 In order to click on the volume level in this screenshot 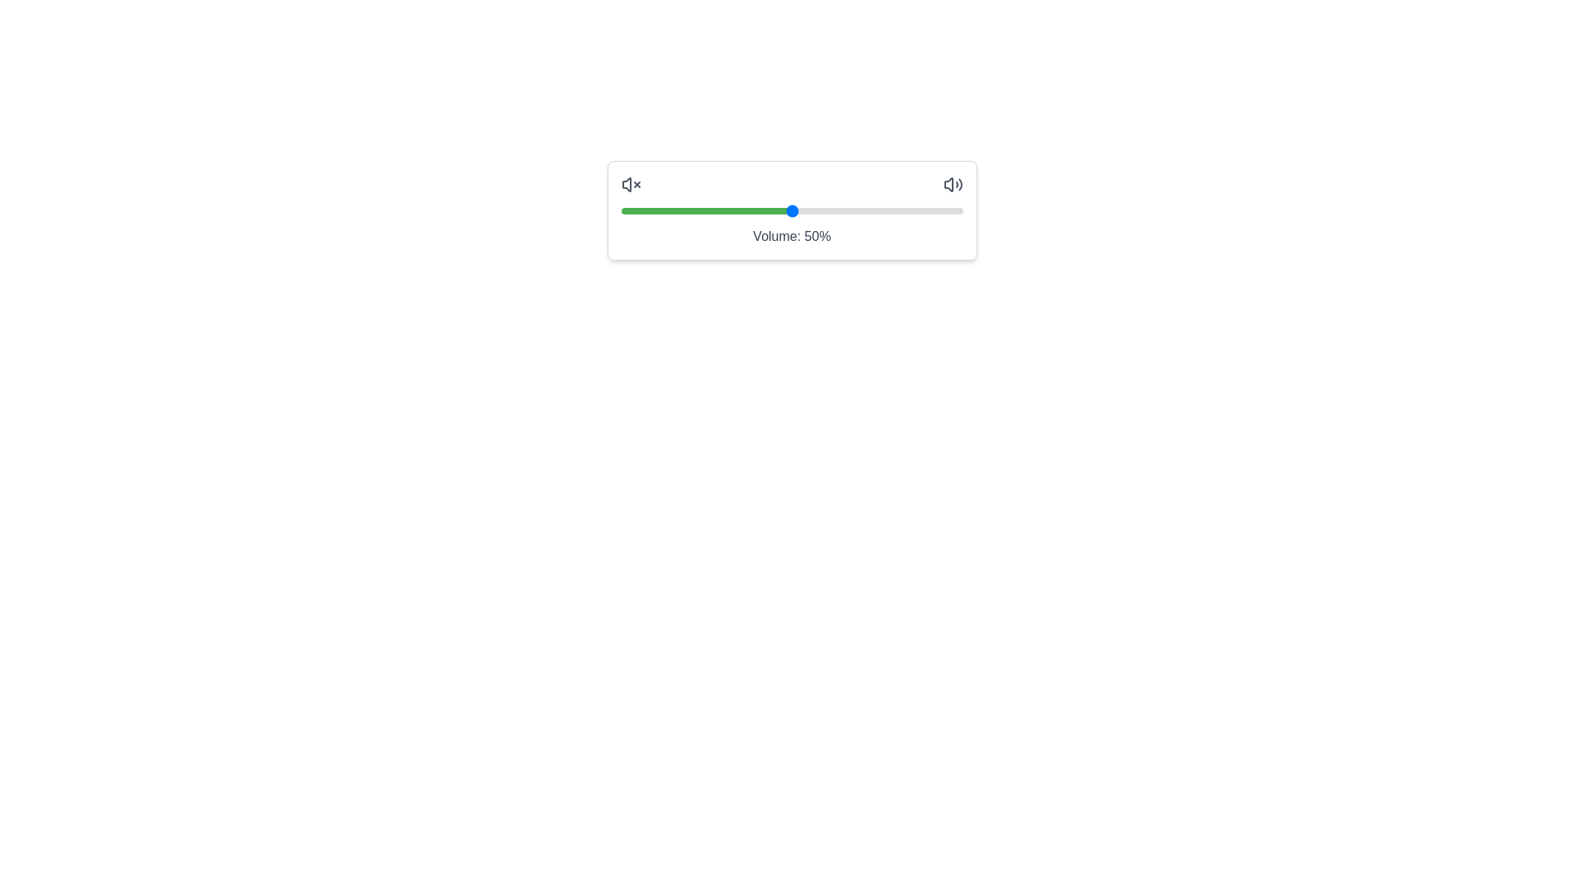, I will do `click(849, 210)`.